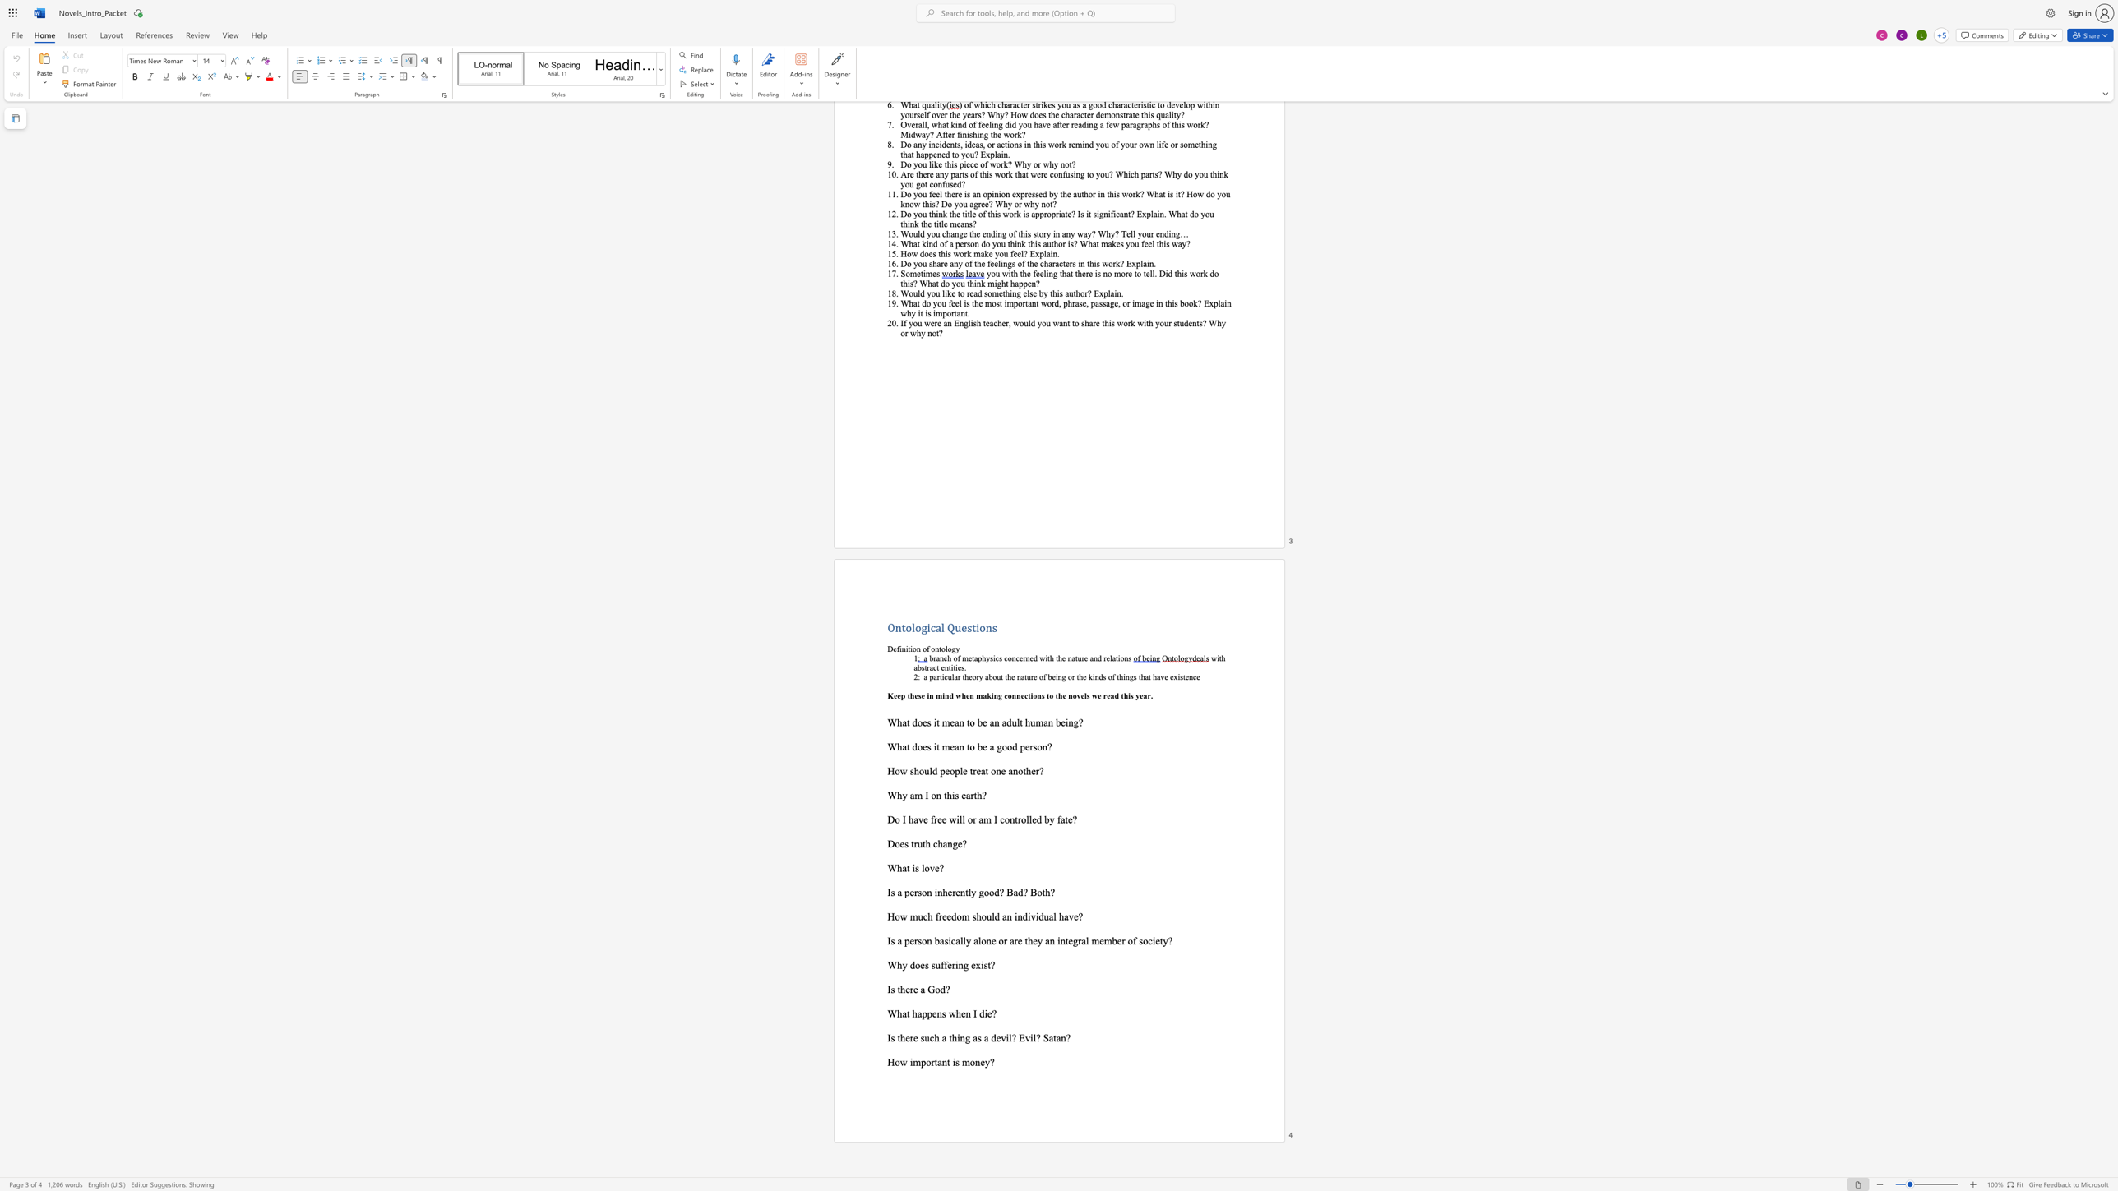 This screenshot has height=1191, width=2118. Describe the element at coordinates (889, 940) in the screenshot. I see `the 1th character "I" in the text` at that location.